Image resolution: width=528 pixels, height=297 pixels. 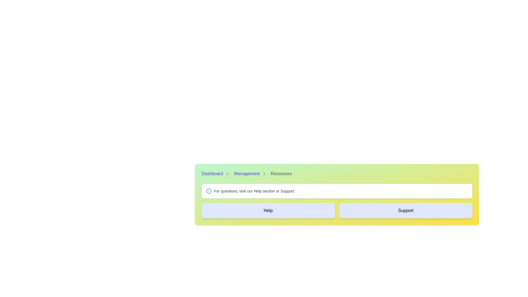 I want to click on the informational icon located at the start of a horizontal layout within a green background card, which is positioned to the left of the text 'For questions, visit our Help section or Support.', so click(x=208, y=191).